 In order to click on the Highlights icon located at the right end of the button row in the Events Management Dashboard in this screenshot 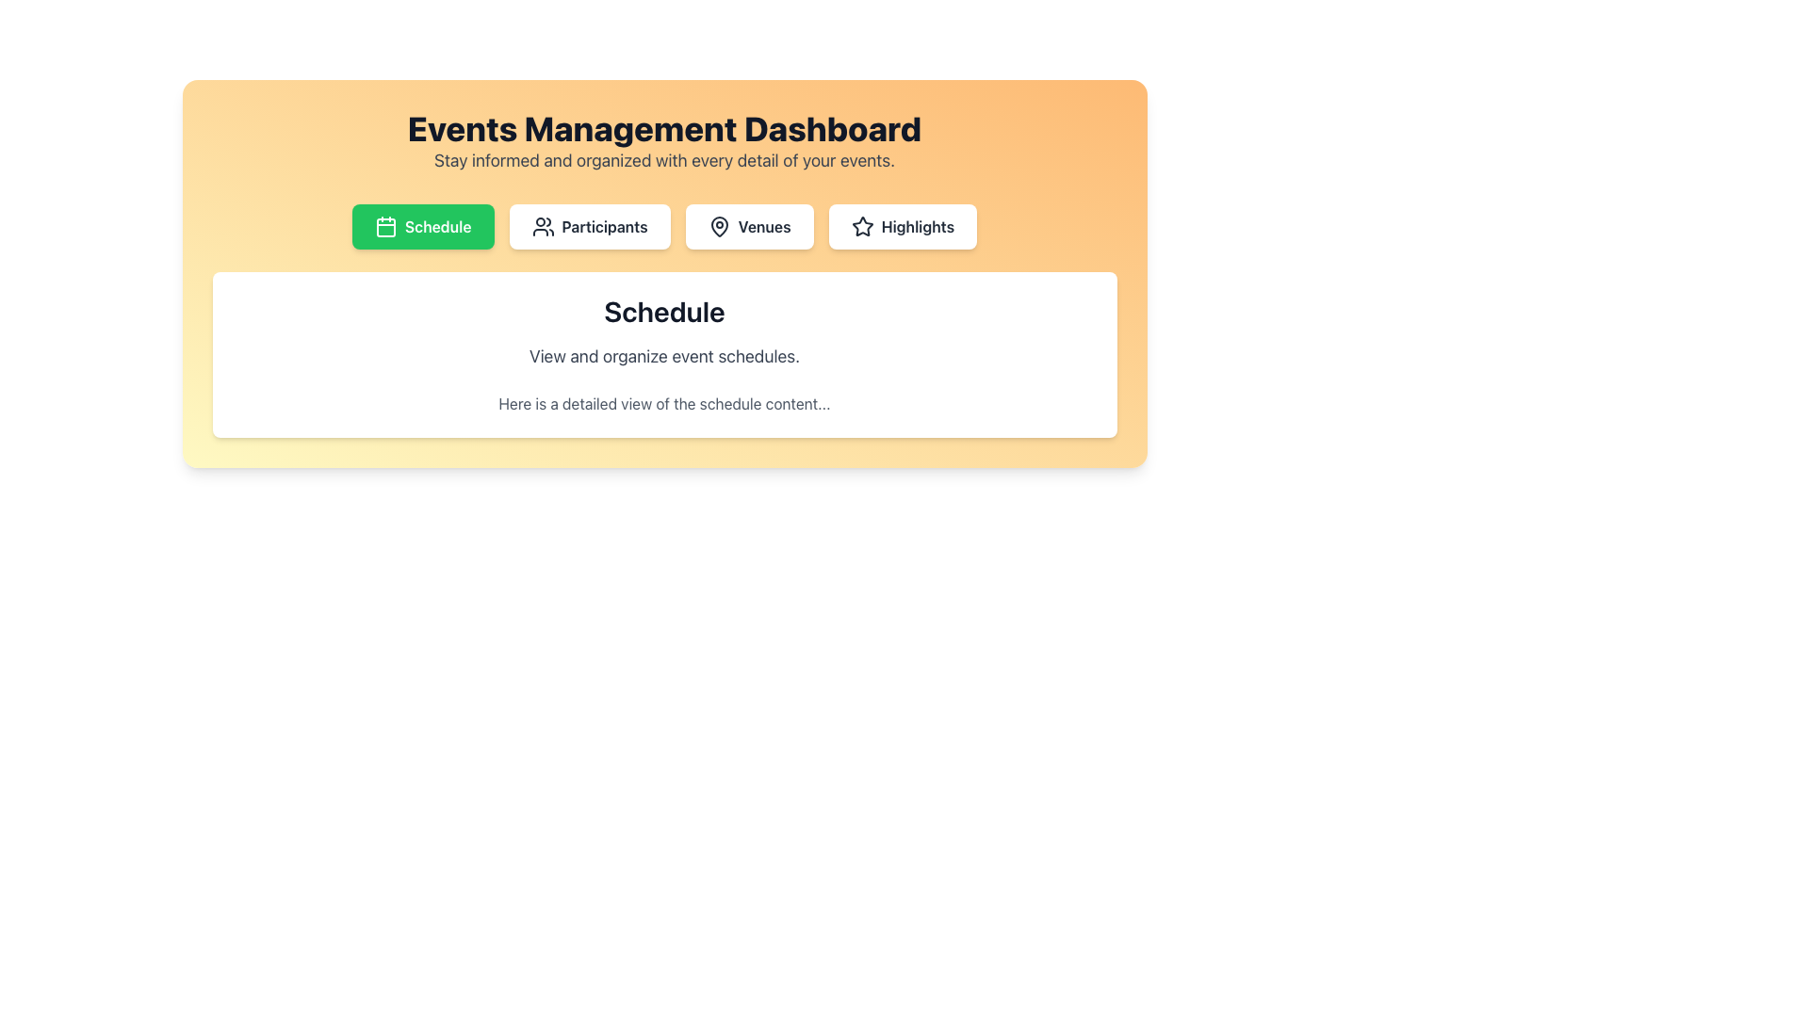, I will do `click(861, 225)`.